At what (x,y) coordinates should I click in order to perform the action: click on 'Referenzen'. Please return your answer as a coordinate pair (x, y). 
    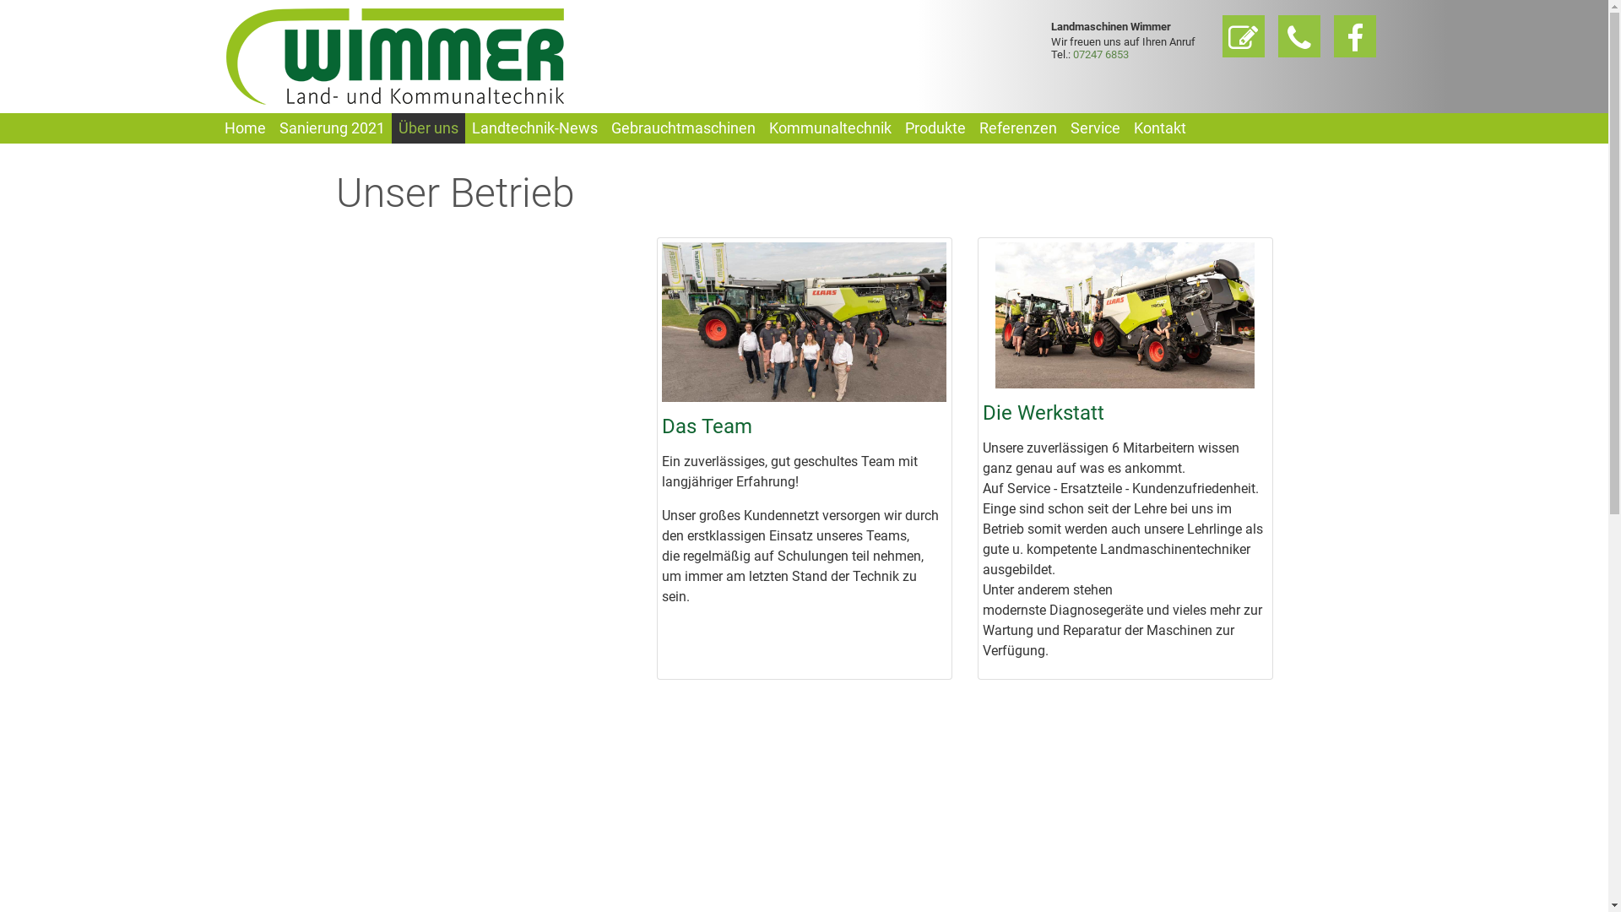
    Looking at the image, I should click on (1017, 127).